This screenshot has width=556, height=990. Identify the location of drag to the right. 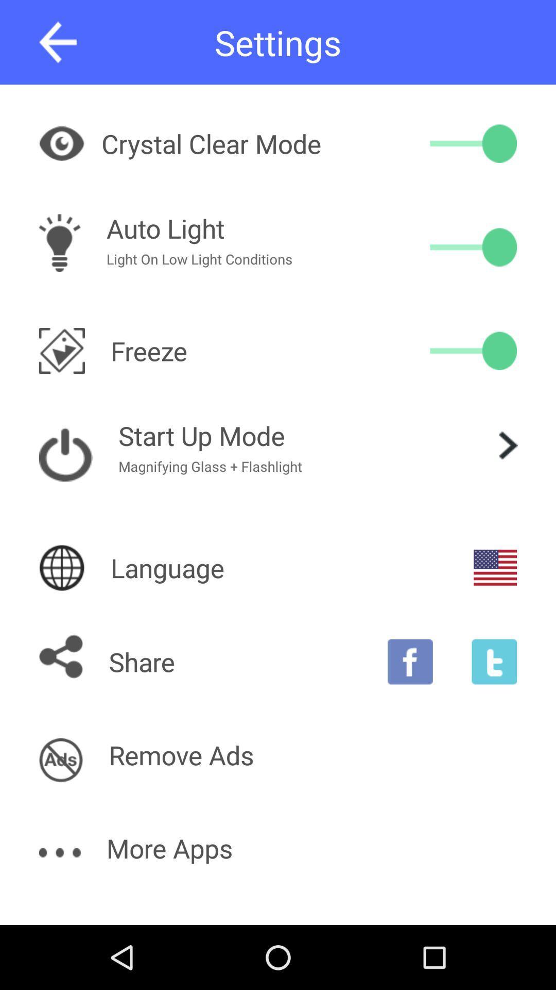
(473, 143).